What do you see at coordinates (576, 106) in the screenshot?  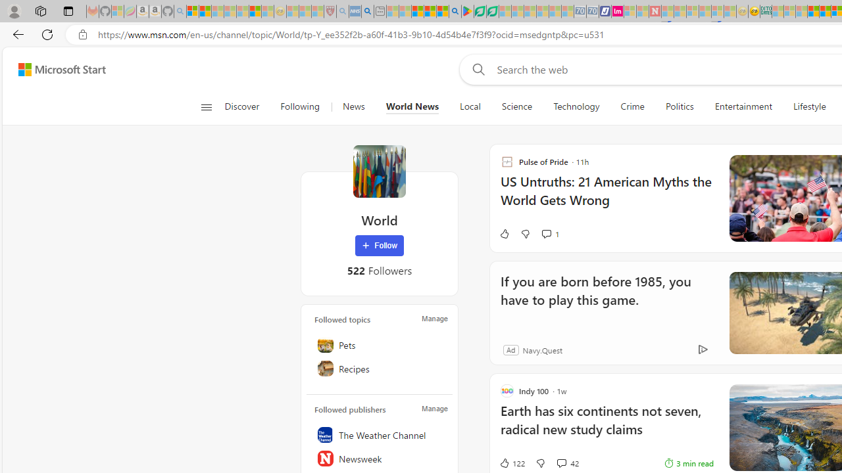 I see `'Technology'` at bounding box center [576, 106].